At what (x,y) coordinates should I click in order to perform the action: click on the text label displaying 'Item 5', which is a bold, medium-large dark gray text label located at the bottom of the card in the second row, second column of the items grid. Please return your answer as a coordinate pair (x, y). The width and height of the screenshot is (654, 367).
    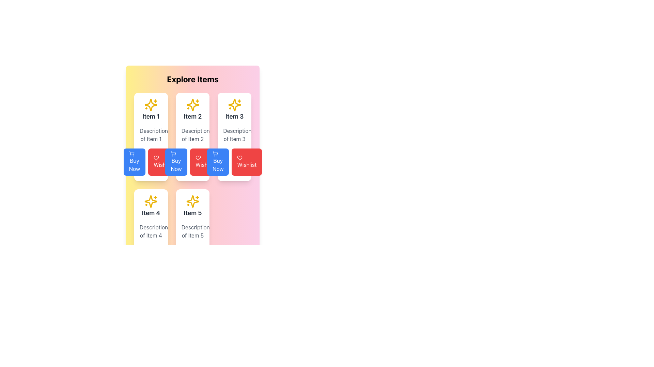
    Looking at the image, I should click on (192, 213).